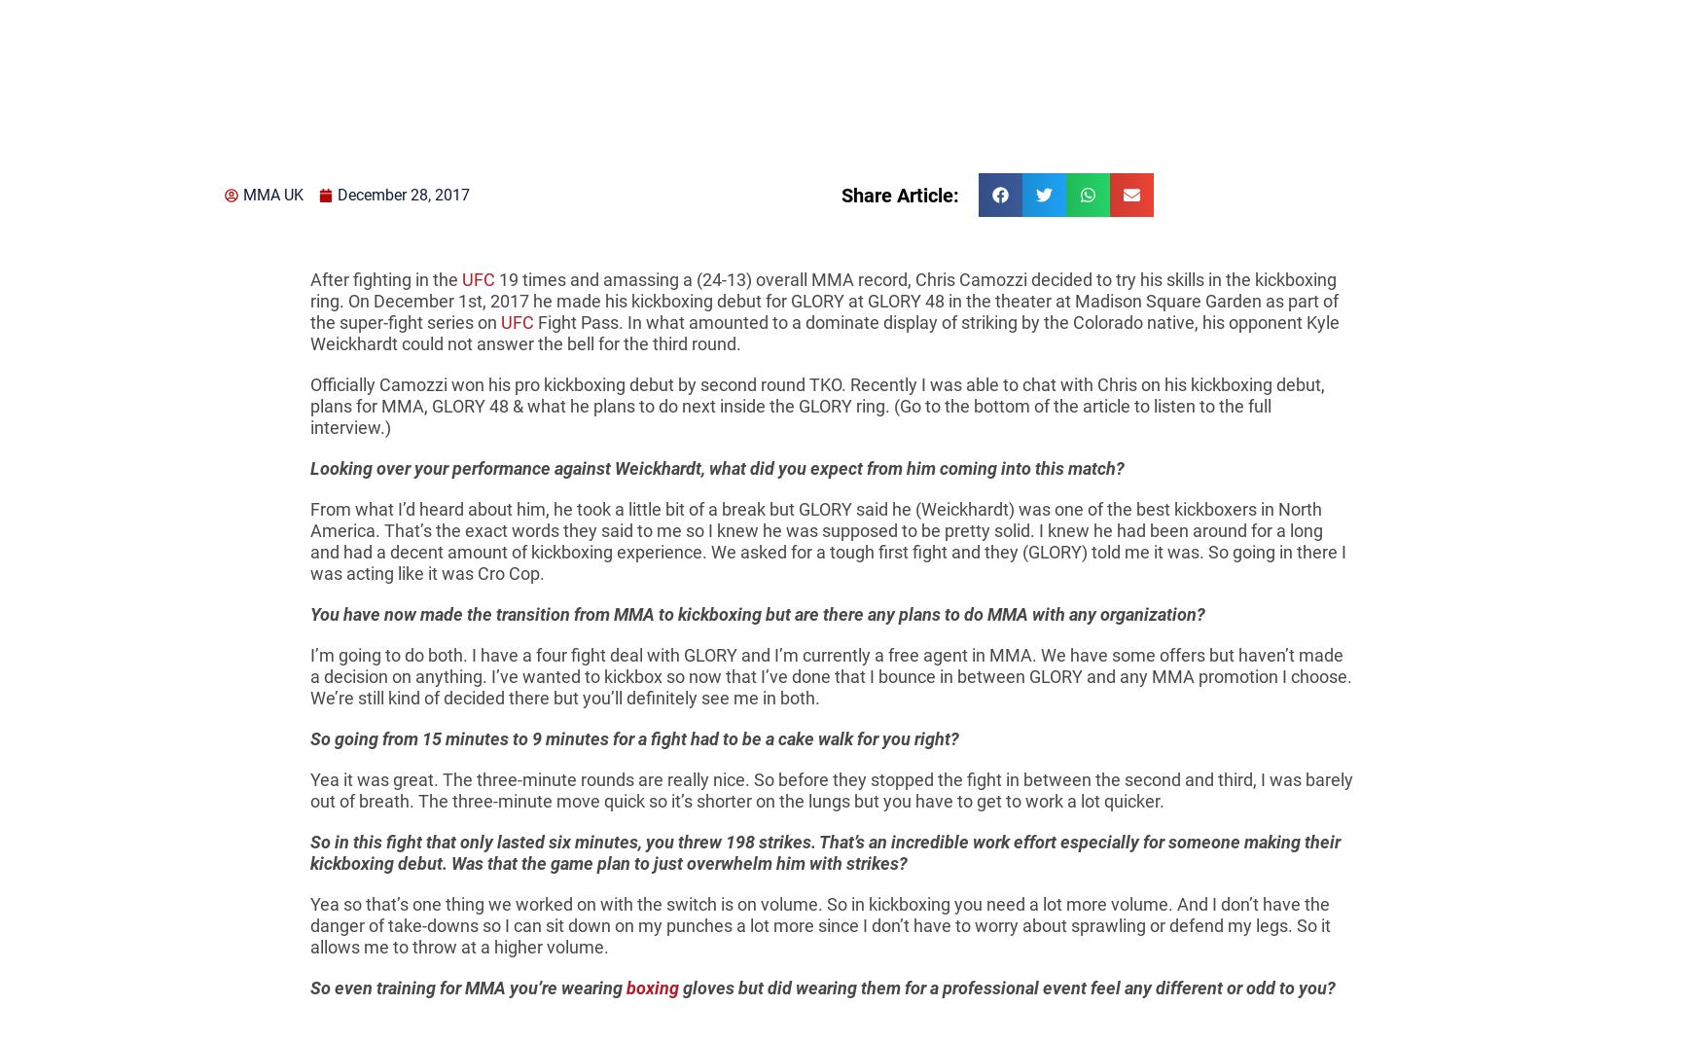 Image resolution: width=1683 pixels, height=1042 pixels. I want to click on '19 times and amassing a (24-13) overall MMA record, Chris Camozzi decided to try his skills in the kickboxing ring. On December 1st, 2017 he made his kickboxing debut for GLORY at GLORY 48 in the theater at Madison Square Garden as part of the super-fight series on', so click(823, 300).